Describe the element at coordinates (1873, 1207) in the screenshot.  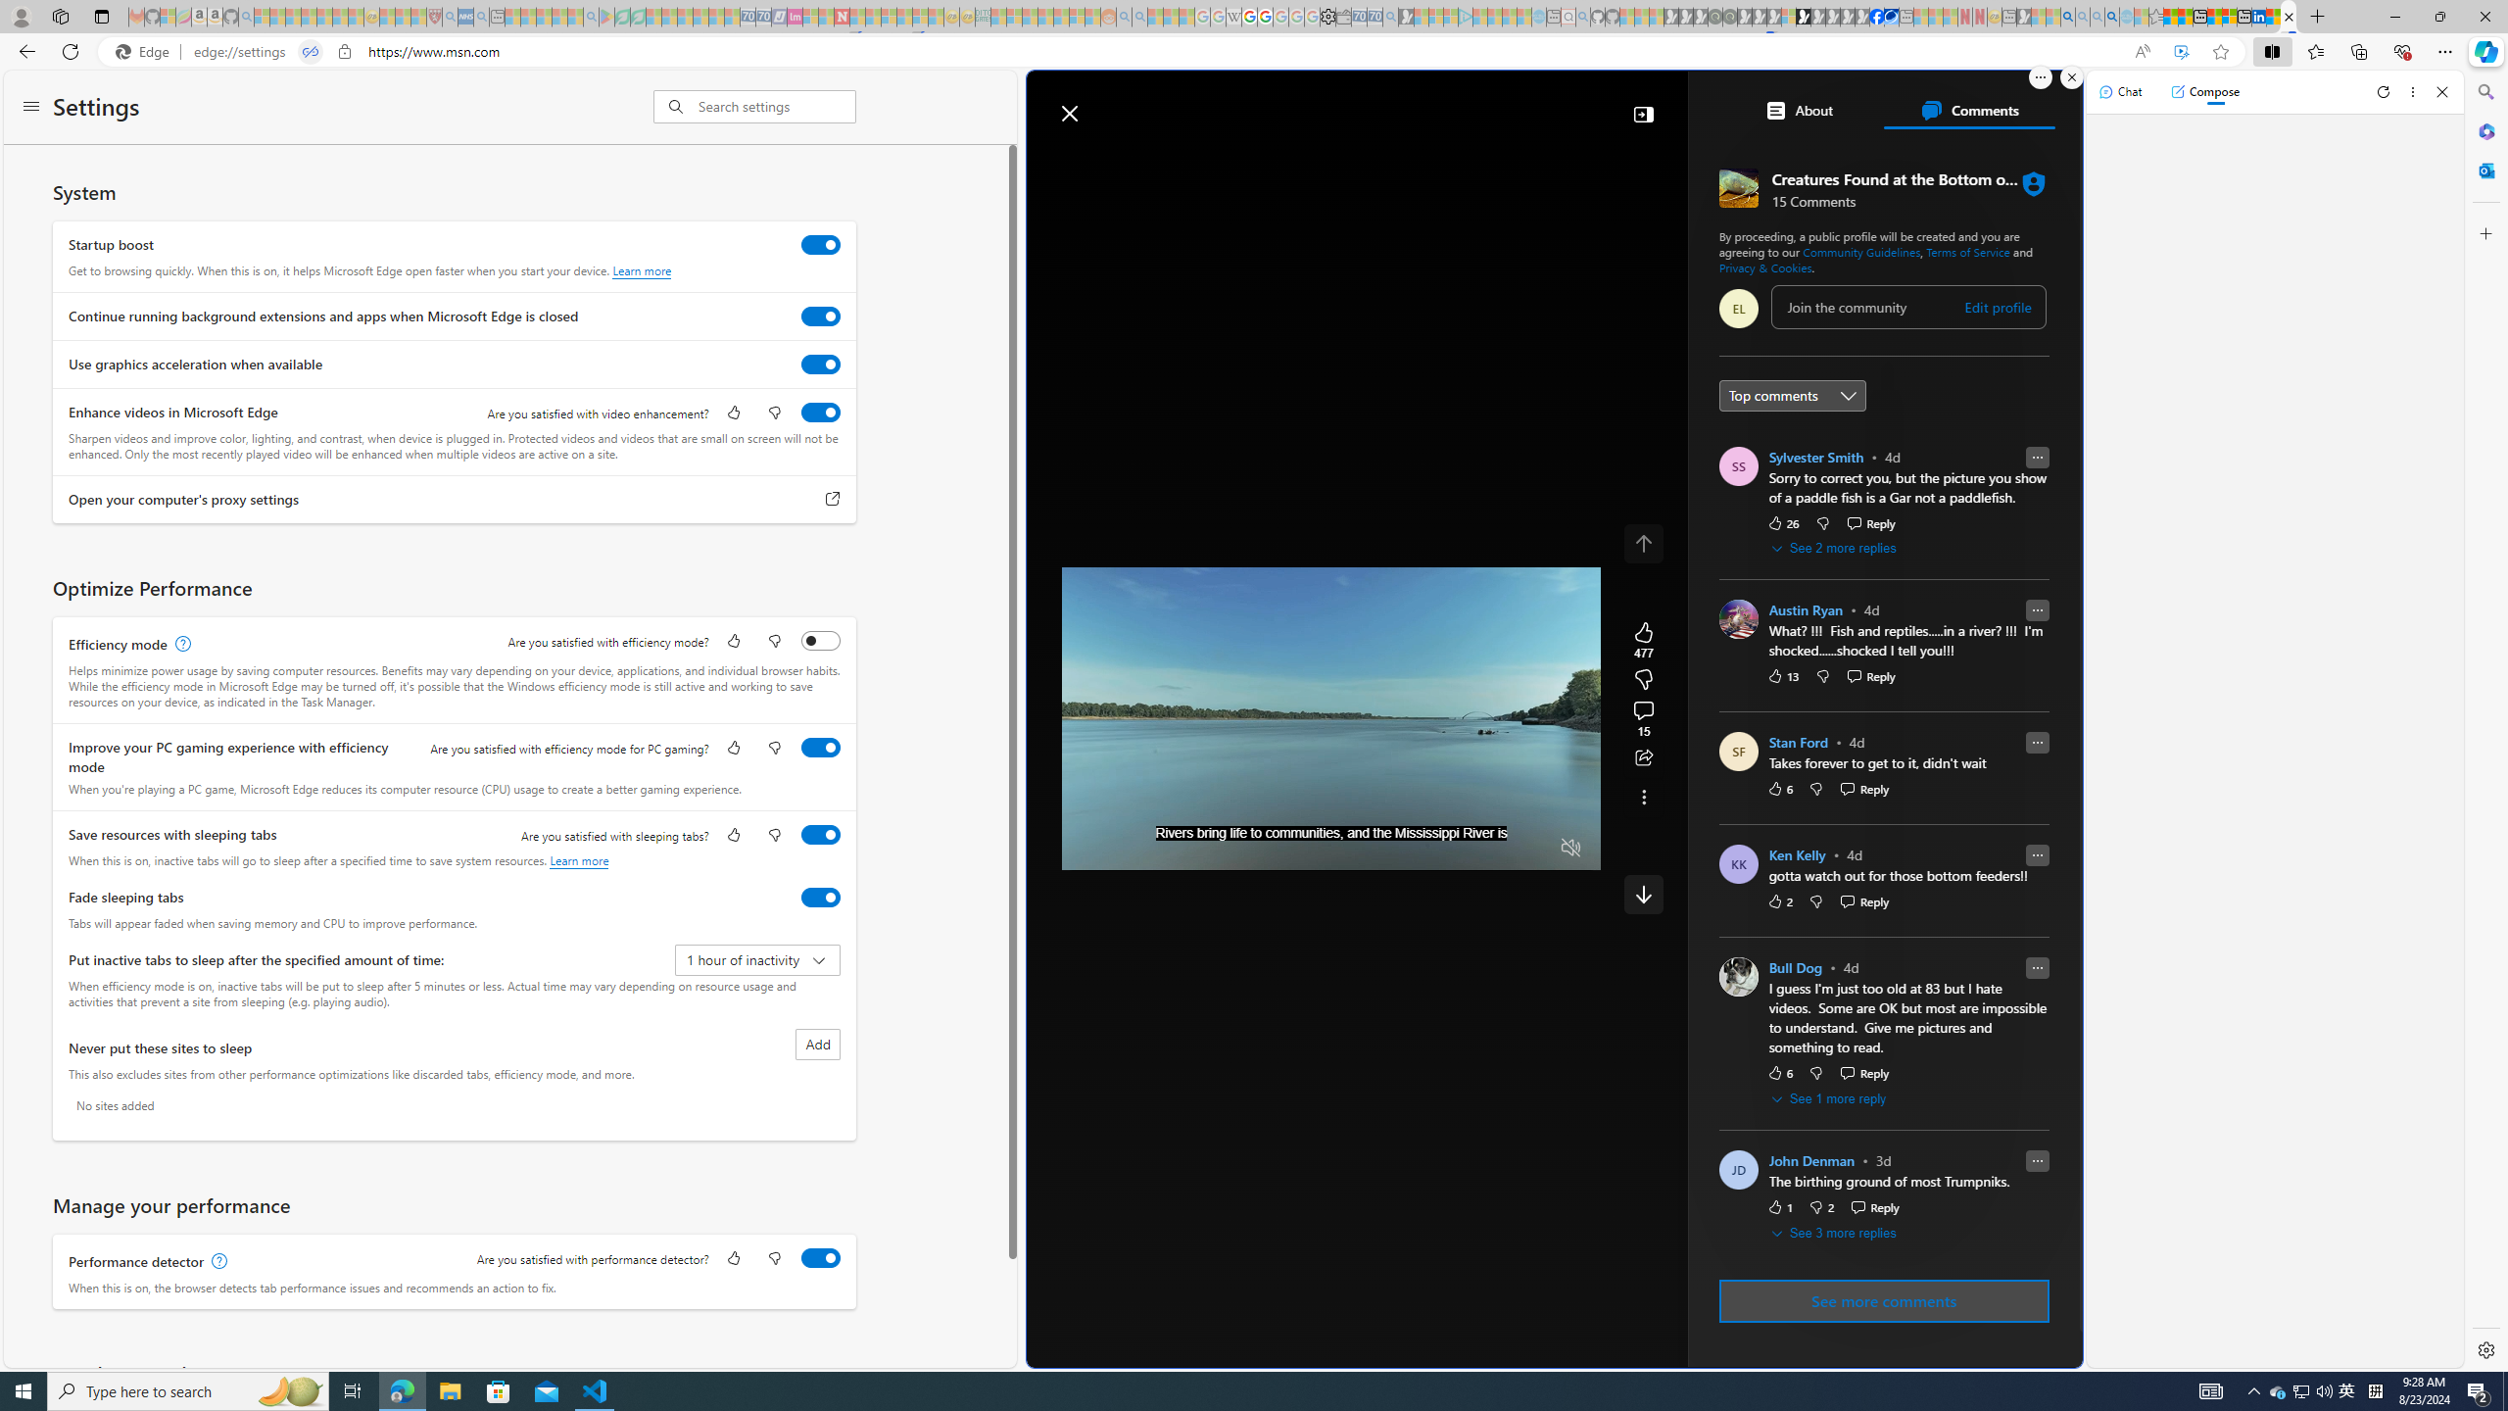
I see `'Reply Reply Comment'` at that location.